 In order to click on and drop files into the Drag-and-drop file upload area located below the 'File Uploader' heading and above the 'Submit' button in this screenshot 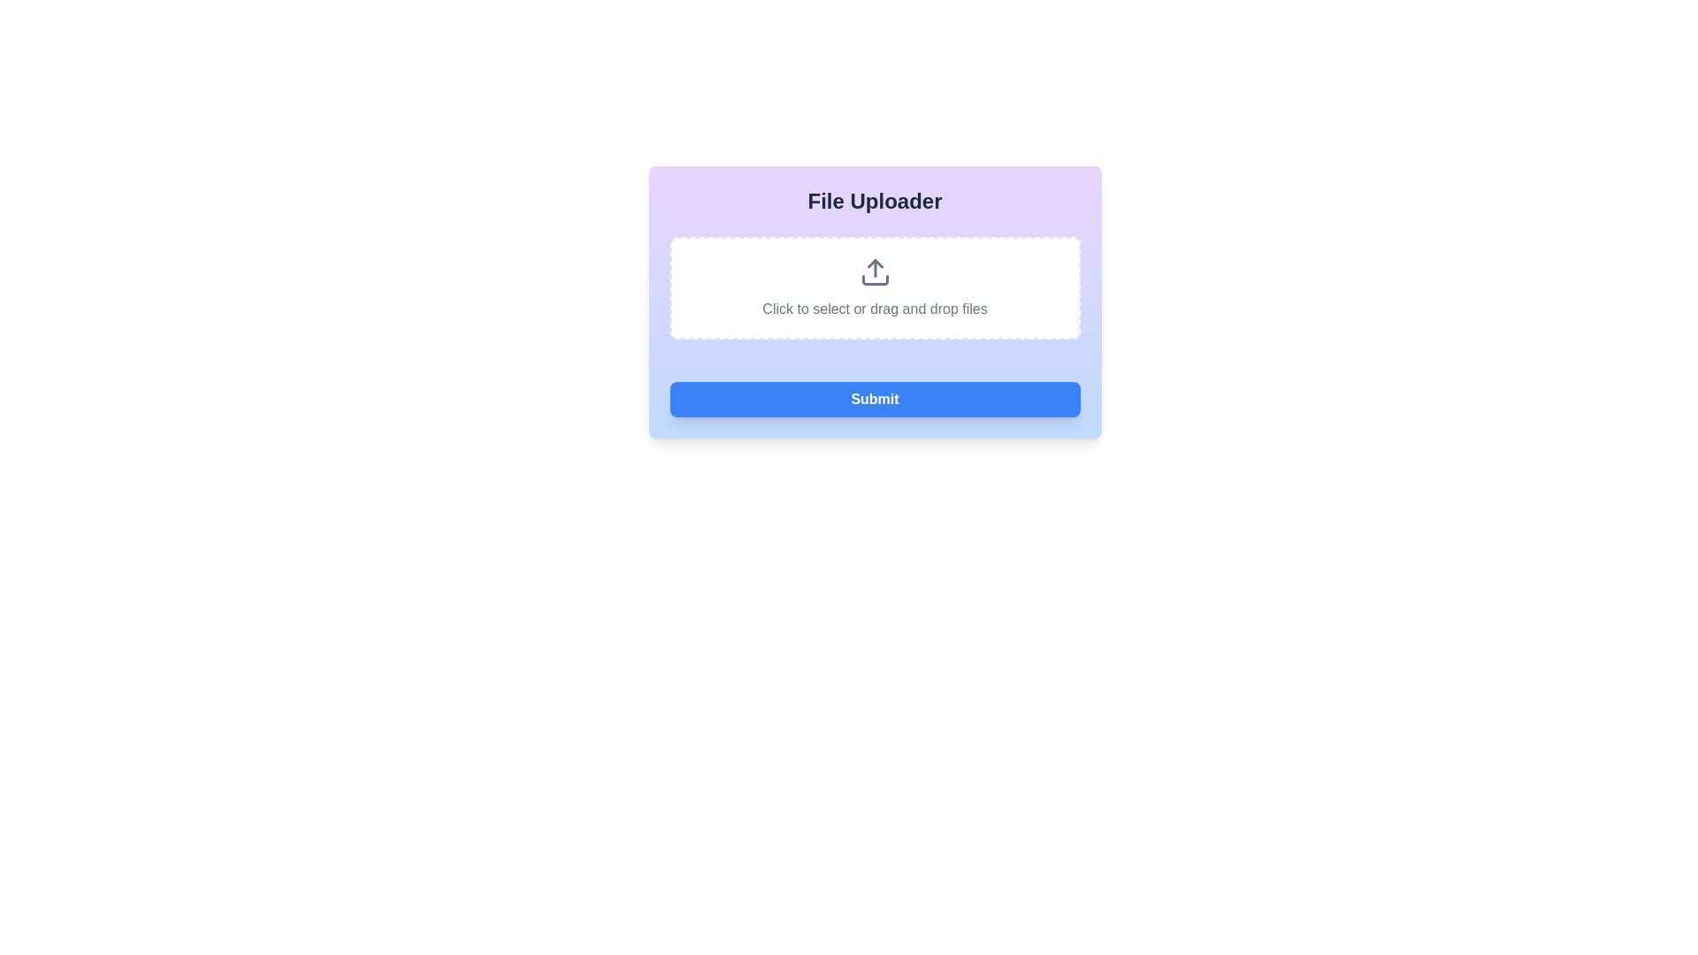, I will do `click(875, 287)`.